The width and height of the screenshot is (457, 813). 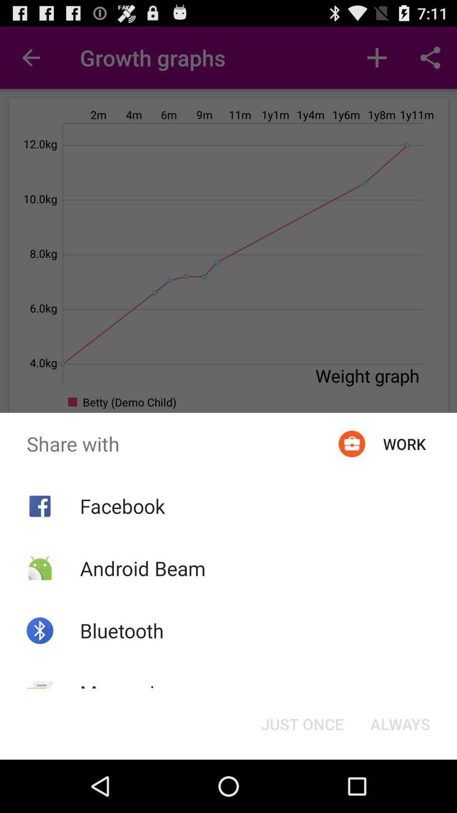 I want to click on the messaging, so click(x=128, y=693).